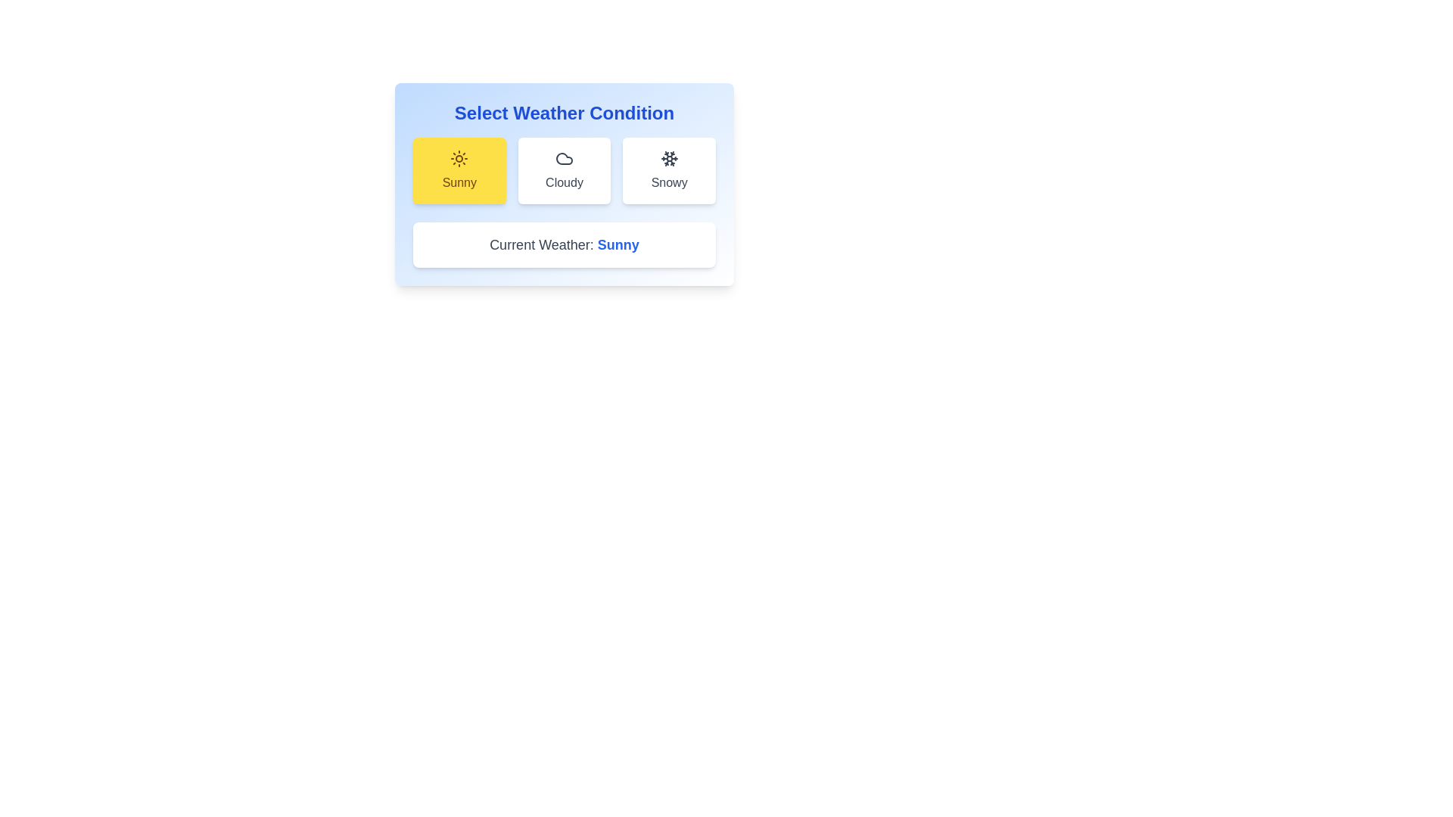 This screenshot has width=1453, height=817. I want to click on the bold, large blue headline text at the top-center of the card layout, so click(563, 113).